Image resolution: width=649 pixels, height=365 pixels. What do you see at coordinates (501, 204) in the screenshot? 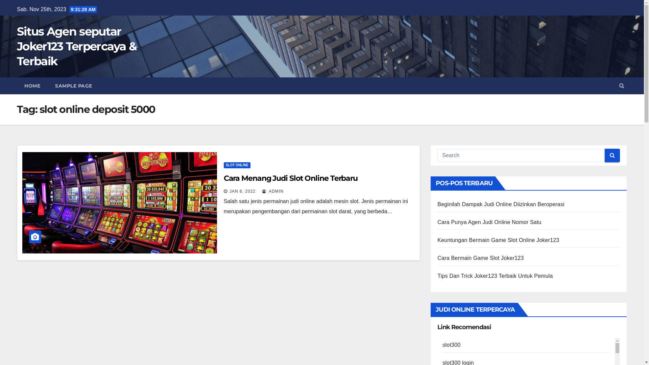
I see `'Beginilah Dampak Judi Online Diizinkan Beroperasi'` at bounding box center [501, 204].